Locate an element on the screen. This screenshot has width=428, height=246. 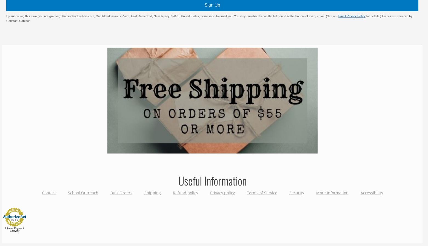
'Contact' is located at coordinates (48, 192).